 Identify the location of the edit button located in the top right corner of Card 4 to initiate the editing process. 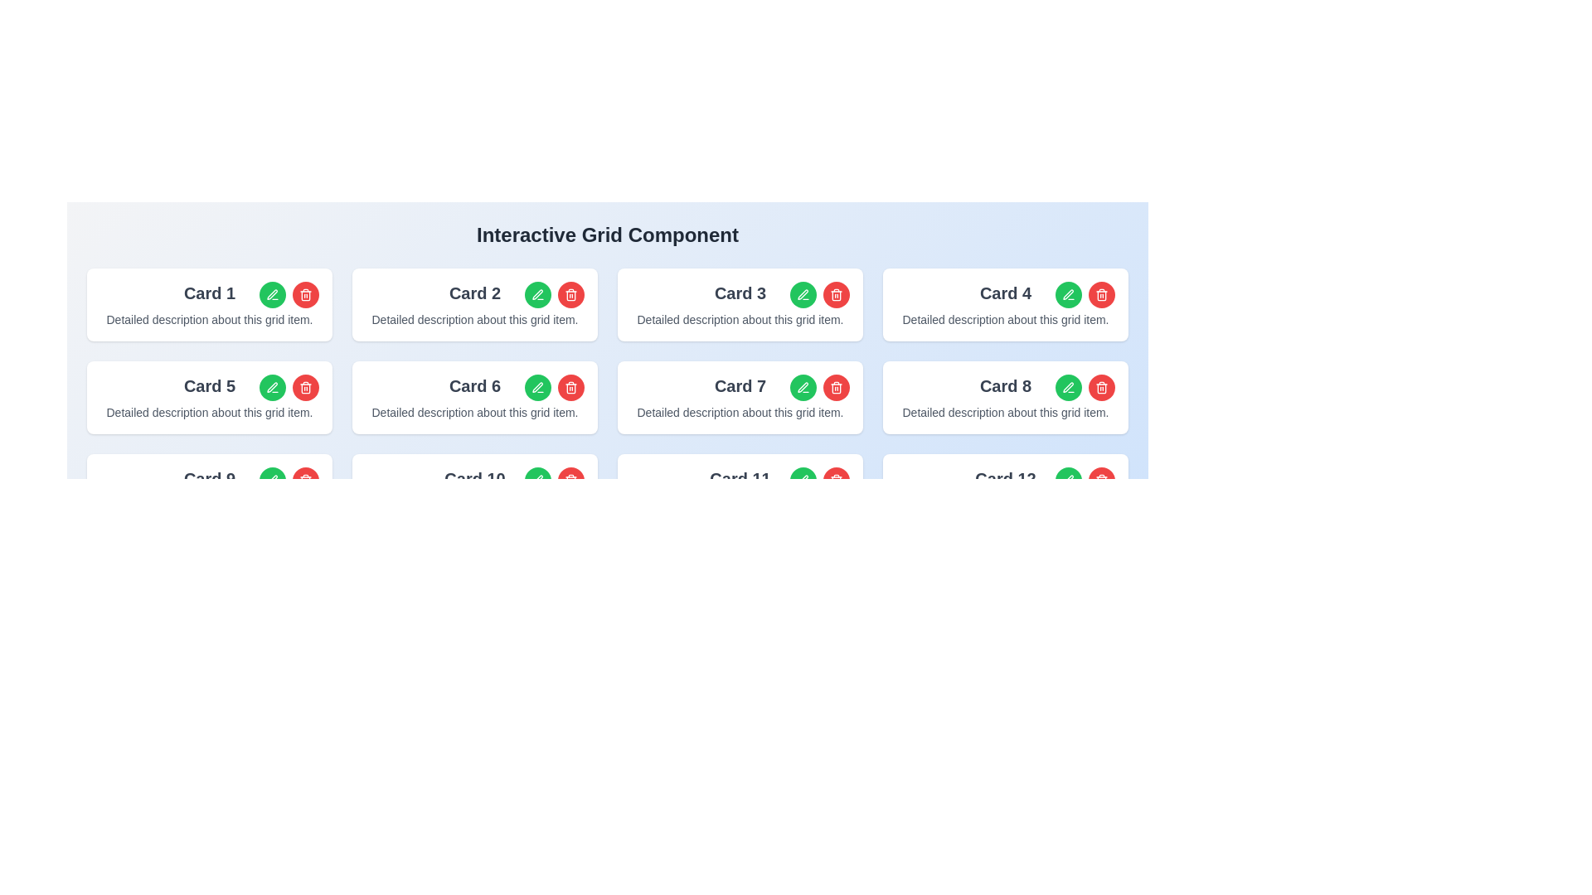
(1069, 293).